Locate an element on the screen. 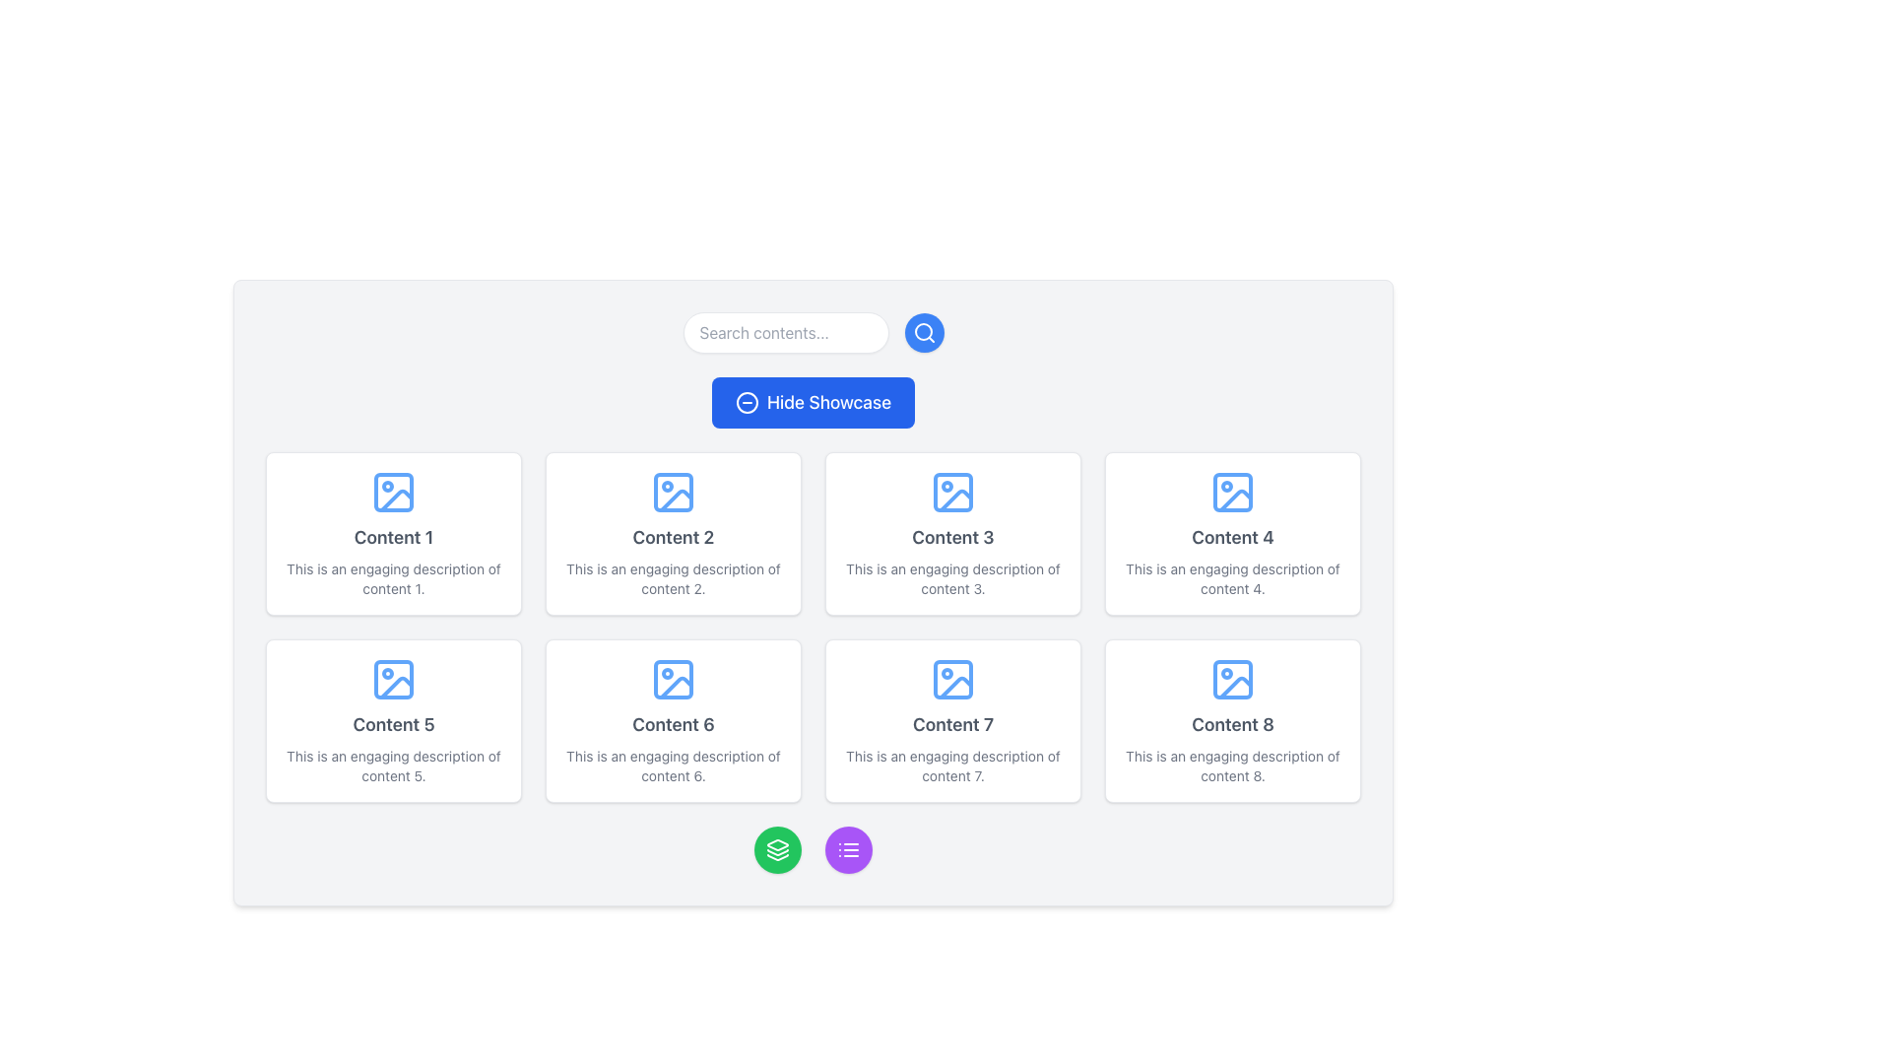  the bold text label 'Content 6' which is styled with medium font size and gray color, located in the center column of the second row of a grid layout, positioned below a blue icon and above a descriptive paragraph in a bordered white card is located at coordinates (673, 725).